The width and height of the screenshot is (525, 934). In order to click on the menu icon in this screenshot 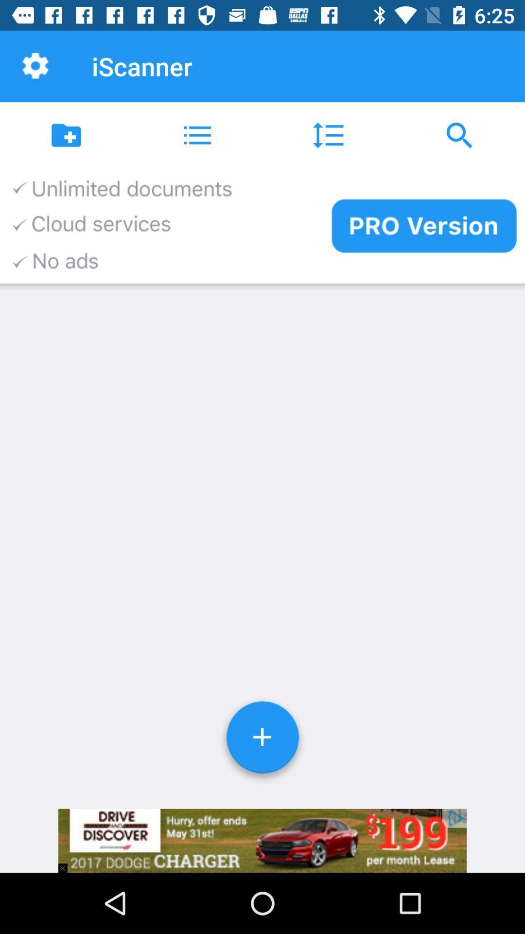, I will do `click(197, 135)`.